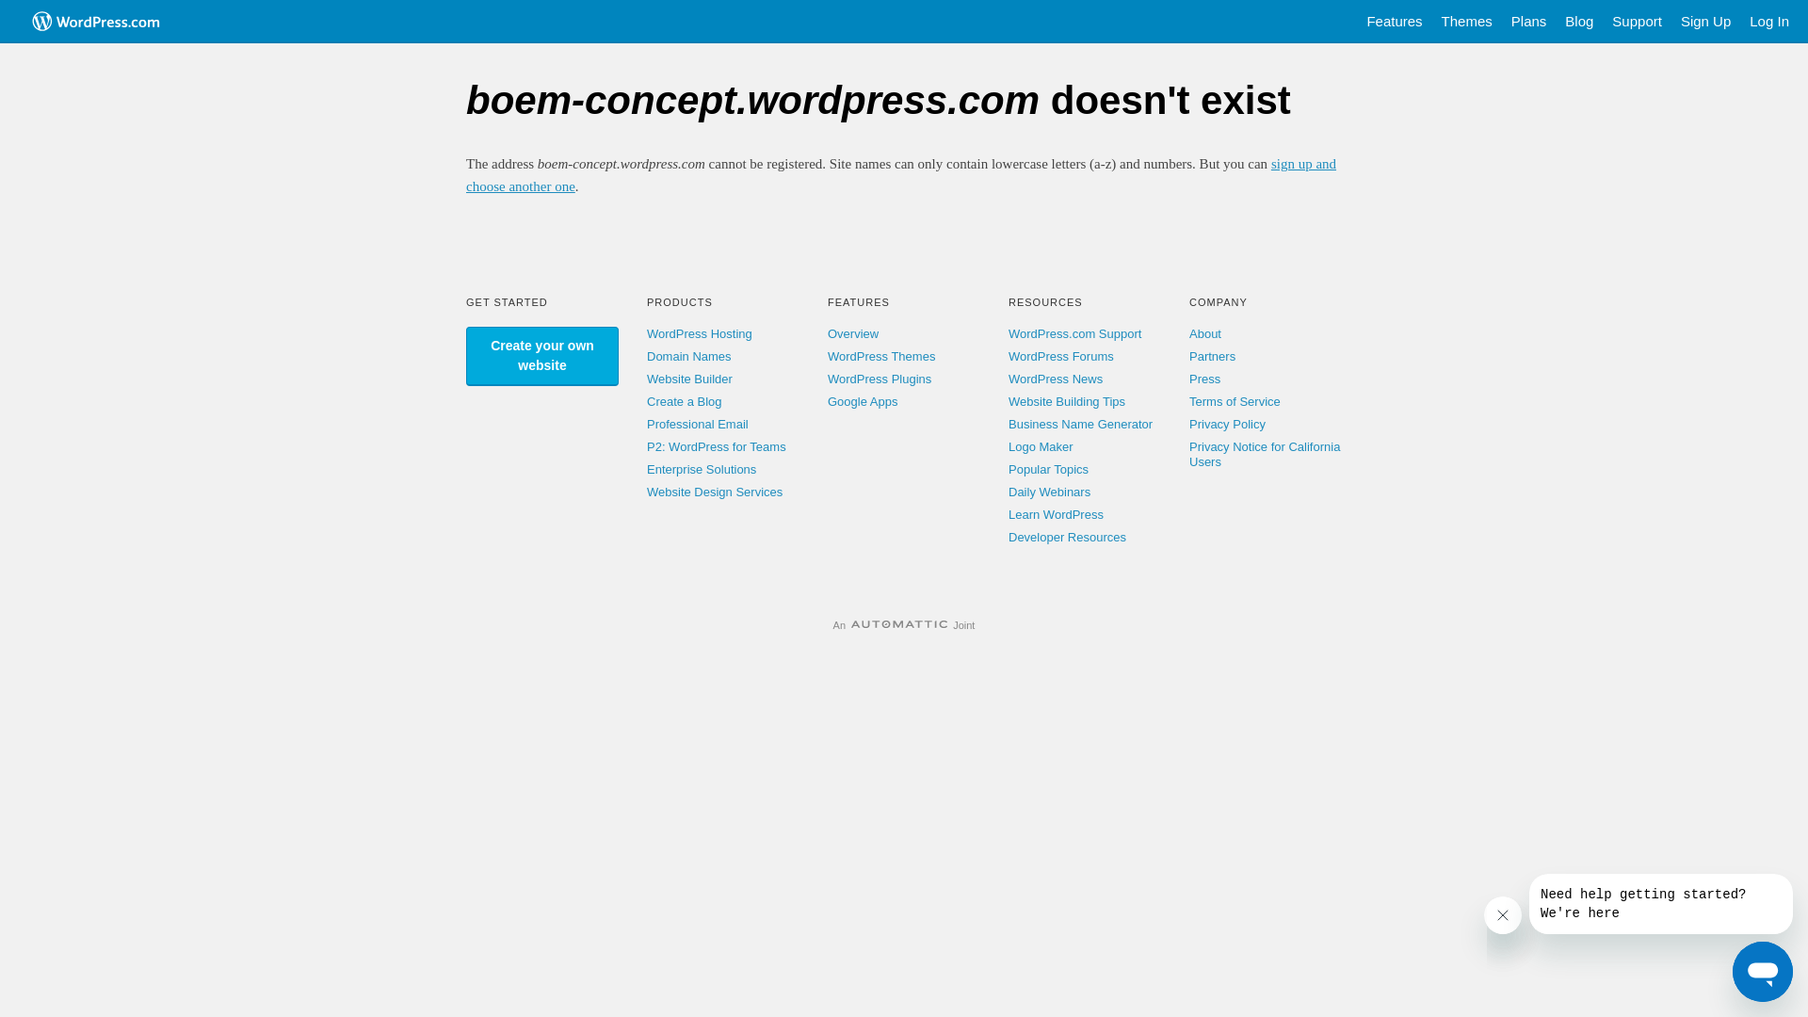 This screenshot has height=1017, width=1808. What do you see at coordinates (1660, 903) in the screenshot?
I see `'Message from company'` at bounding box center [1660, 903].